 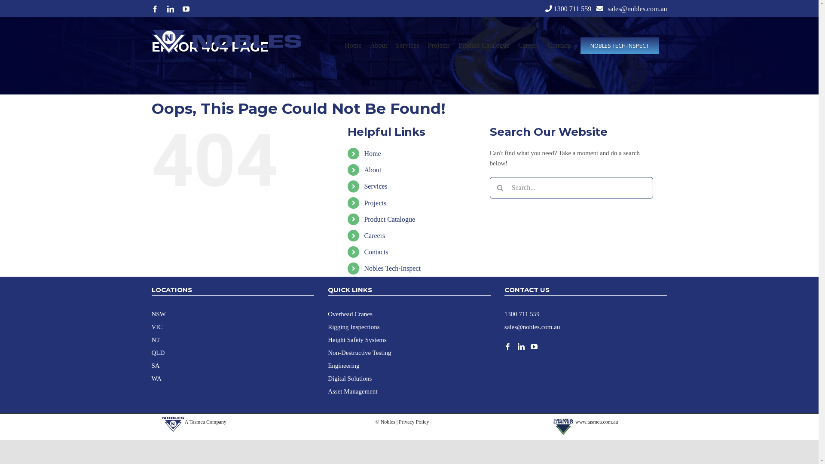 I want to click on 'QLD', so click(x=151, y=352).